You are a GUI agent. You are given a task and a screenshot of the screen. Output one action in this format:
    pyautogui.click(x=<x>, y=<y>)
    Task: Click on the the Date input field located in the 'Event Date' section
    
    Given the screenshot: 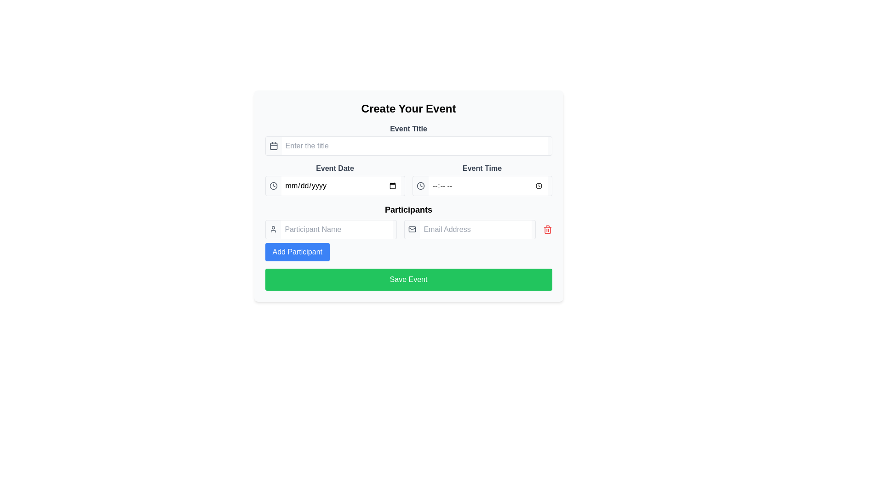 What is the action you would take?
    pyautogui.click(x=334, y=186)
    